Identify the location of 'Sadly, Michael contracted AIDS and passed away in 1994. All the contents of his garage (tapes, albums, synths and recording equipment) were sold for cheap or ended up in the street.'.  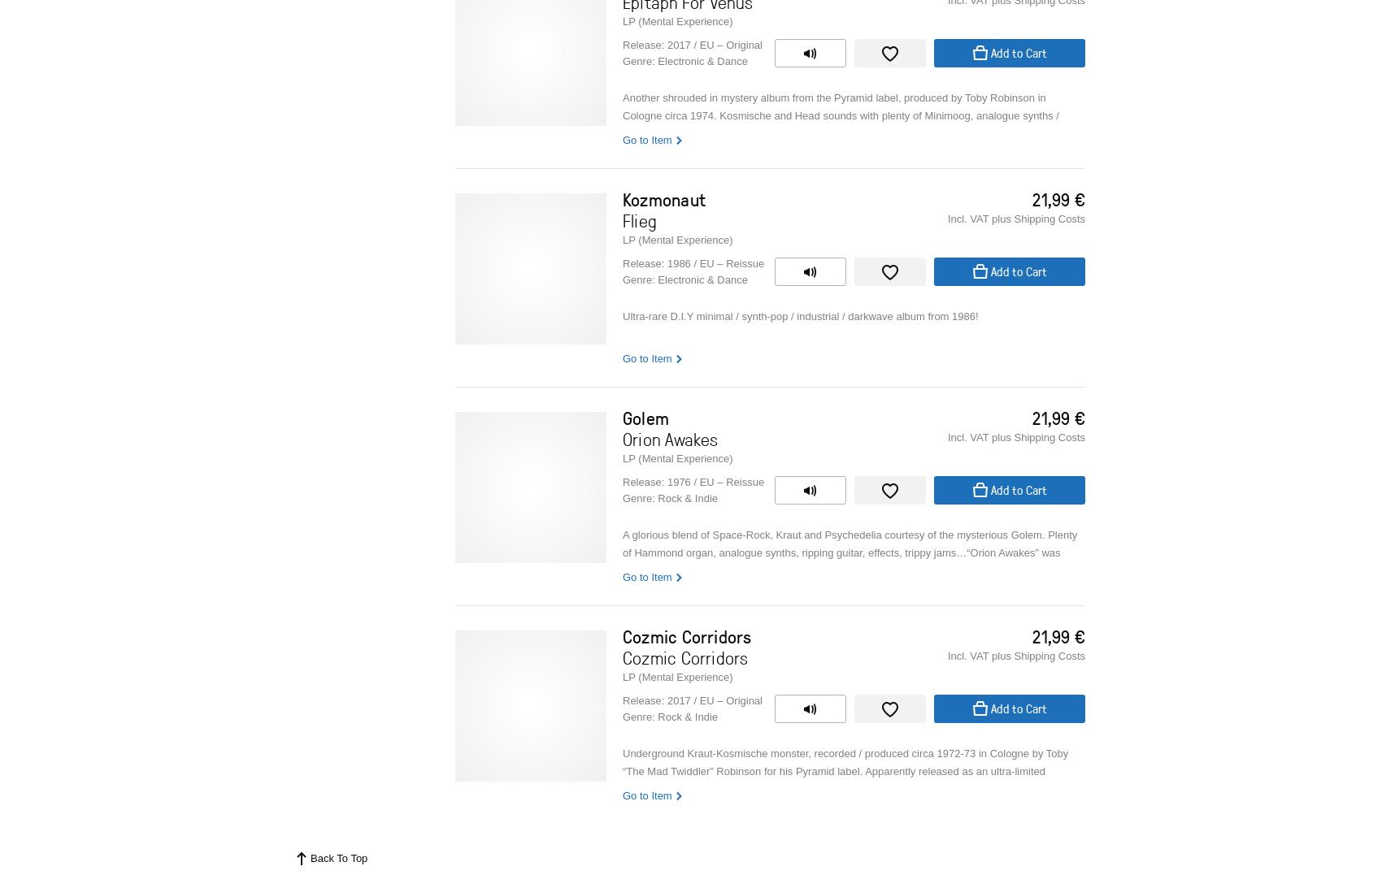
(845, 539).